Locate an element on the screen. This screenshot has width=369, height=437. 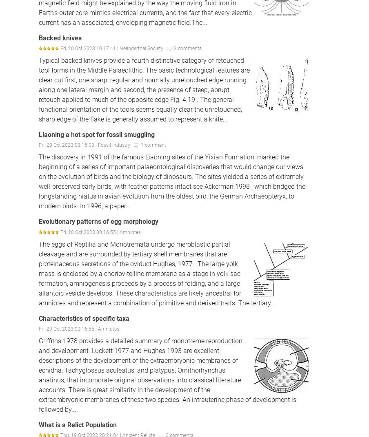
'Griffiths 1978 provides a detailed summary of monotreme reproduction and development. Luckett 1977 and Hughes 1993 are excellent descriptions of the development of the extraembryonic membranes of echidna, Tachyglossus aculeatus, and platypus, Ornithorhynchus anatinus, that incorporate original observations into classical literature accounts. There is great similarity in the development of the extraembryonic membranes of these two species. An intrauterine phase of development is followed by...' is located at coordinates (39, 375).